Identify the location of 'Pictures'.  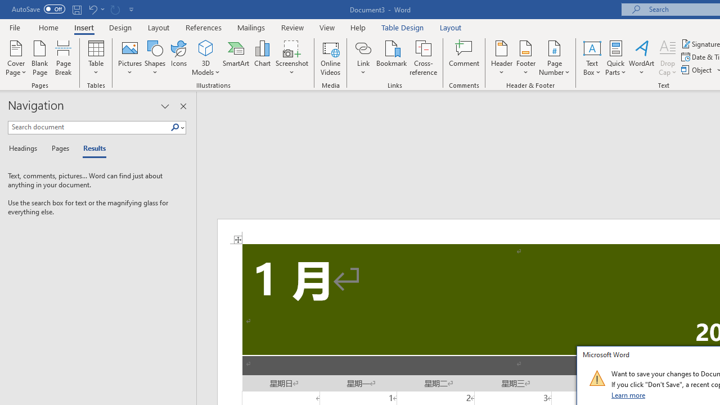
(130, 58).